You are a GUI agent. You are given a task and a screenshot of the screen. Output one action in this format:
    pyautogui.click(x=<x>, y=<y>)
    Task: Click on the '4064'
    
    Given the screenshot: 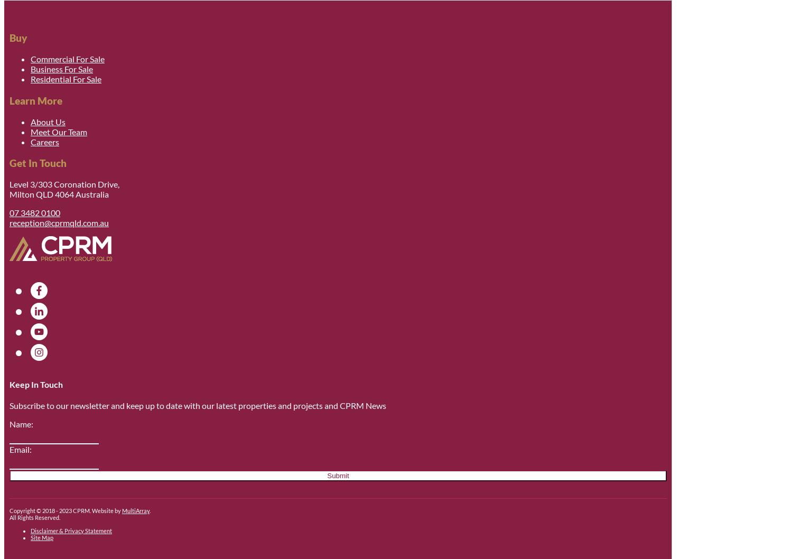 What is the action you would take?
    pyautogui.click(x=64, y=194)
    